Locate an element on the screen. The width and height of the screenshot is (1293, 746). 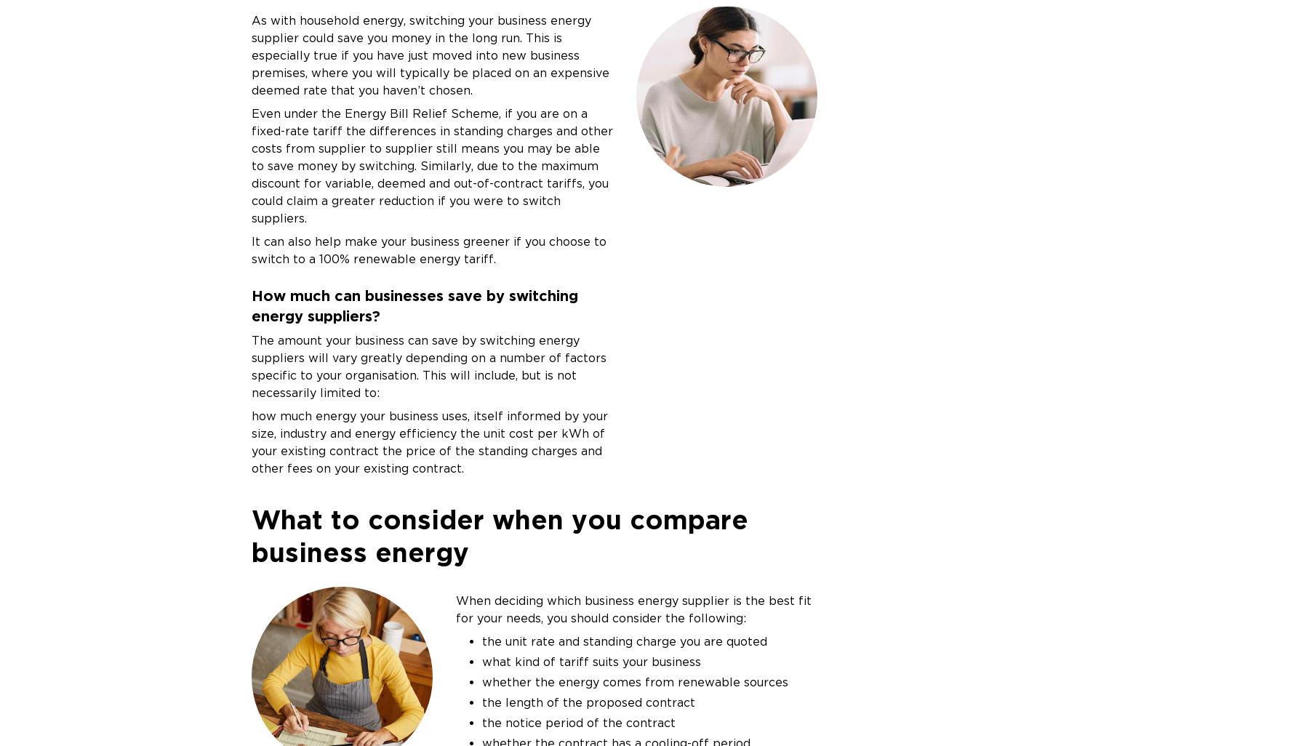
'the notice period of the contract' is located at coordinates (577, 721).